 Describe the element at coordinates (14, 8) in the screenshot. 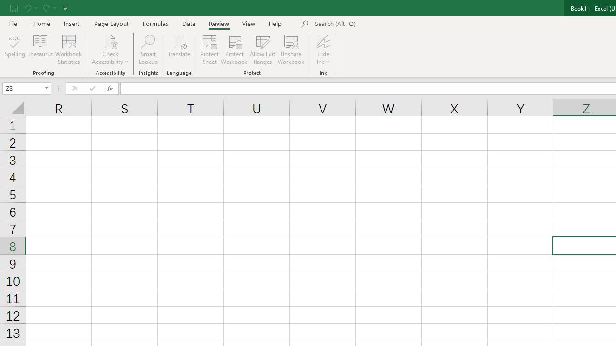

I see `'Save'` at that location.